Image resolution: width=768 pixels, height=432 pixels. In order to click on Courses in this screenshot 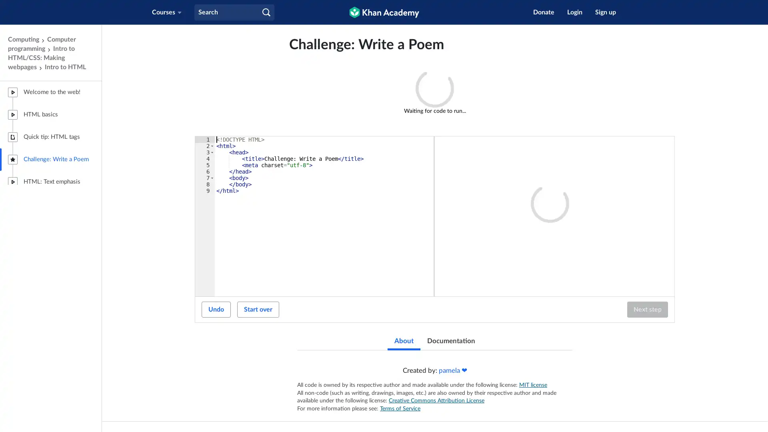, I will do `click(166, 12)`.